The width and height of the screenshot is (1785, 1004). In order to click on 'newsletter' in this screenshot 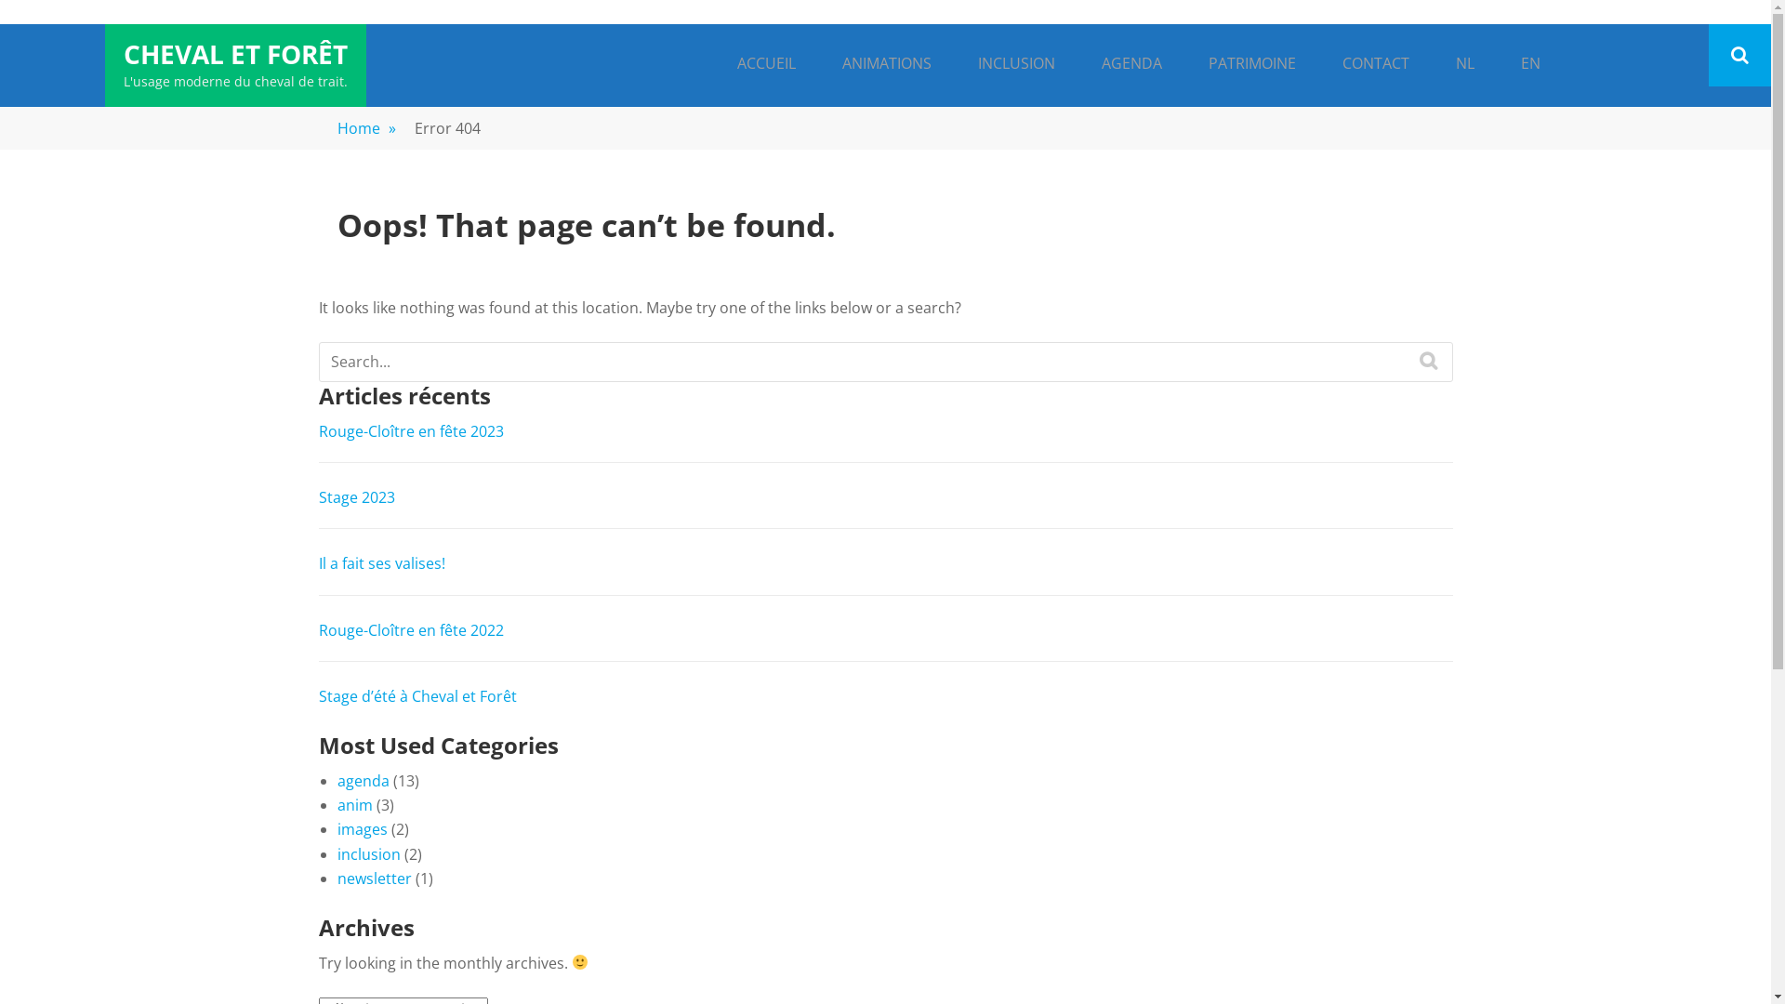, I will do `click(373, 878)`.